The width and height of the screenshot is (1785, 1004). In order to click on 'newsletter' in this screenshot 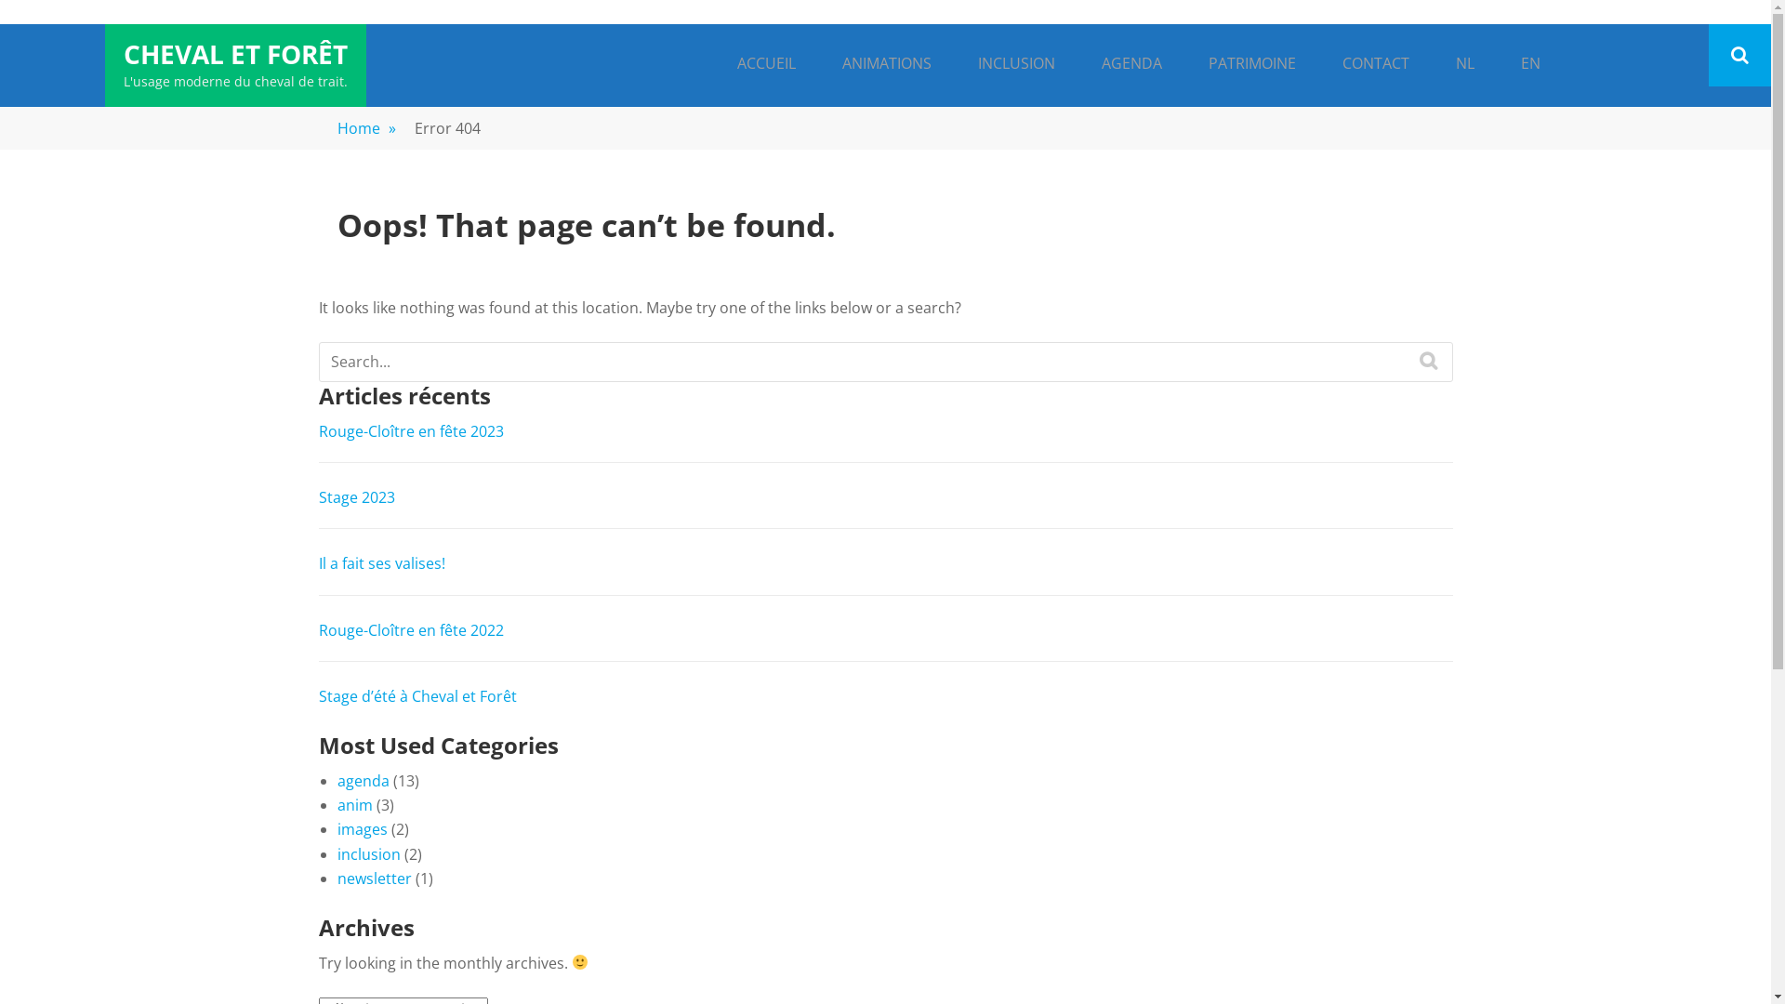, I will do `click(373, 878)`.